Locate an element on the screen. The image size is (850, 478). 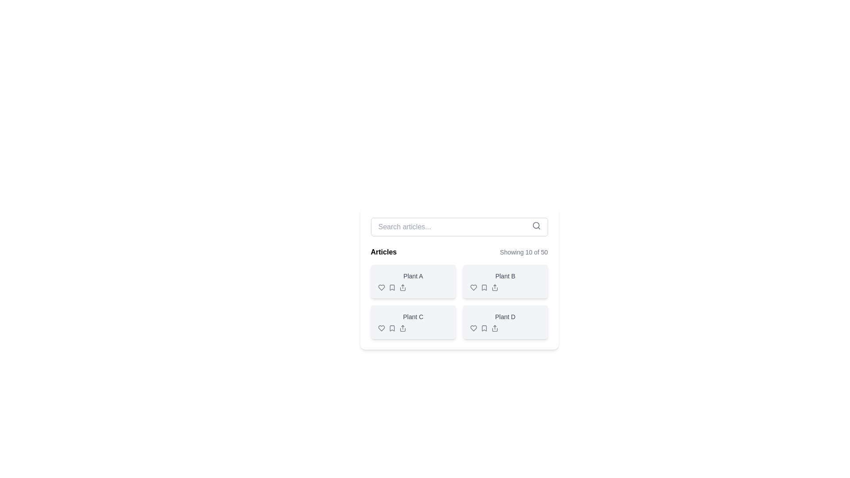
the share icon button is located at coordinates (402, 328).